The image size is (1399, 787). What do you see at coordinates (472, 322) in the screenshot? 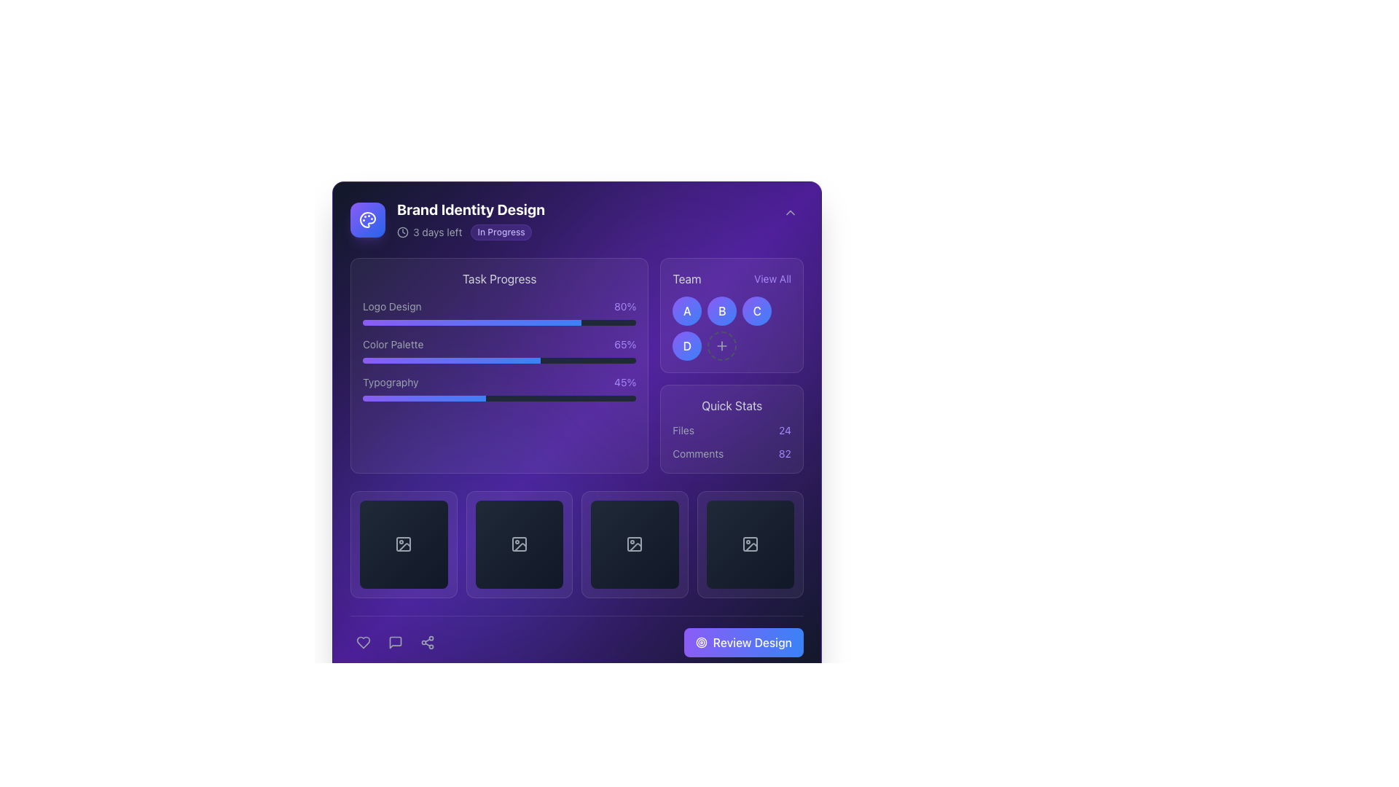
I see `the completion status of the 'Logo Design' task represented by the progress bar segment in the 'Task Progress' section` at bounding box center [472, 322].